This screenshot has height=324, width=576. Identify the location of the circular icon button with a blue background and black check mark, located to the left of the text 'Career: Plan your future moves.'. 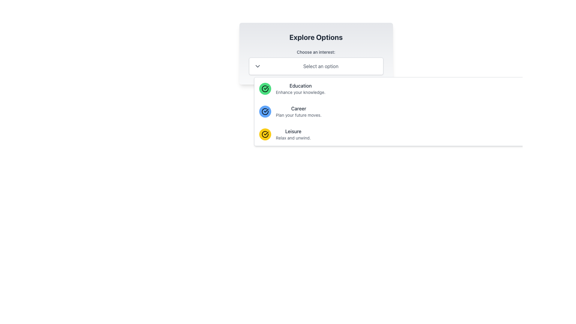
(265, 111).